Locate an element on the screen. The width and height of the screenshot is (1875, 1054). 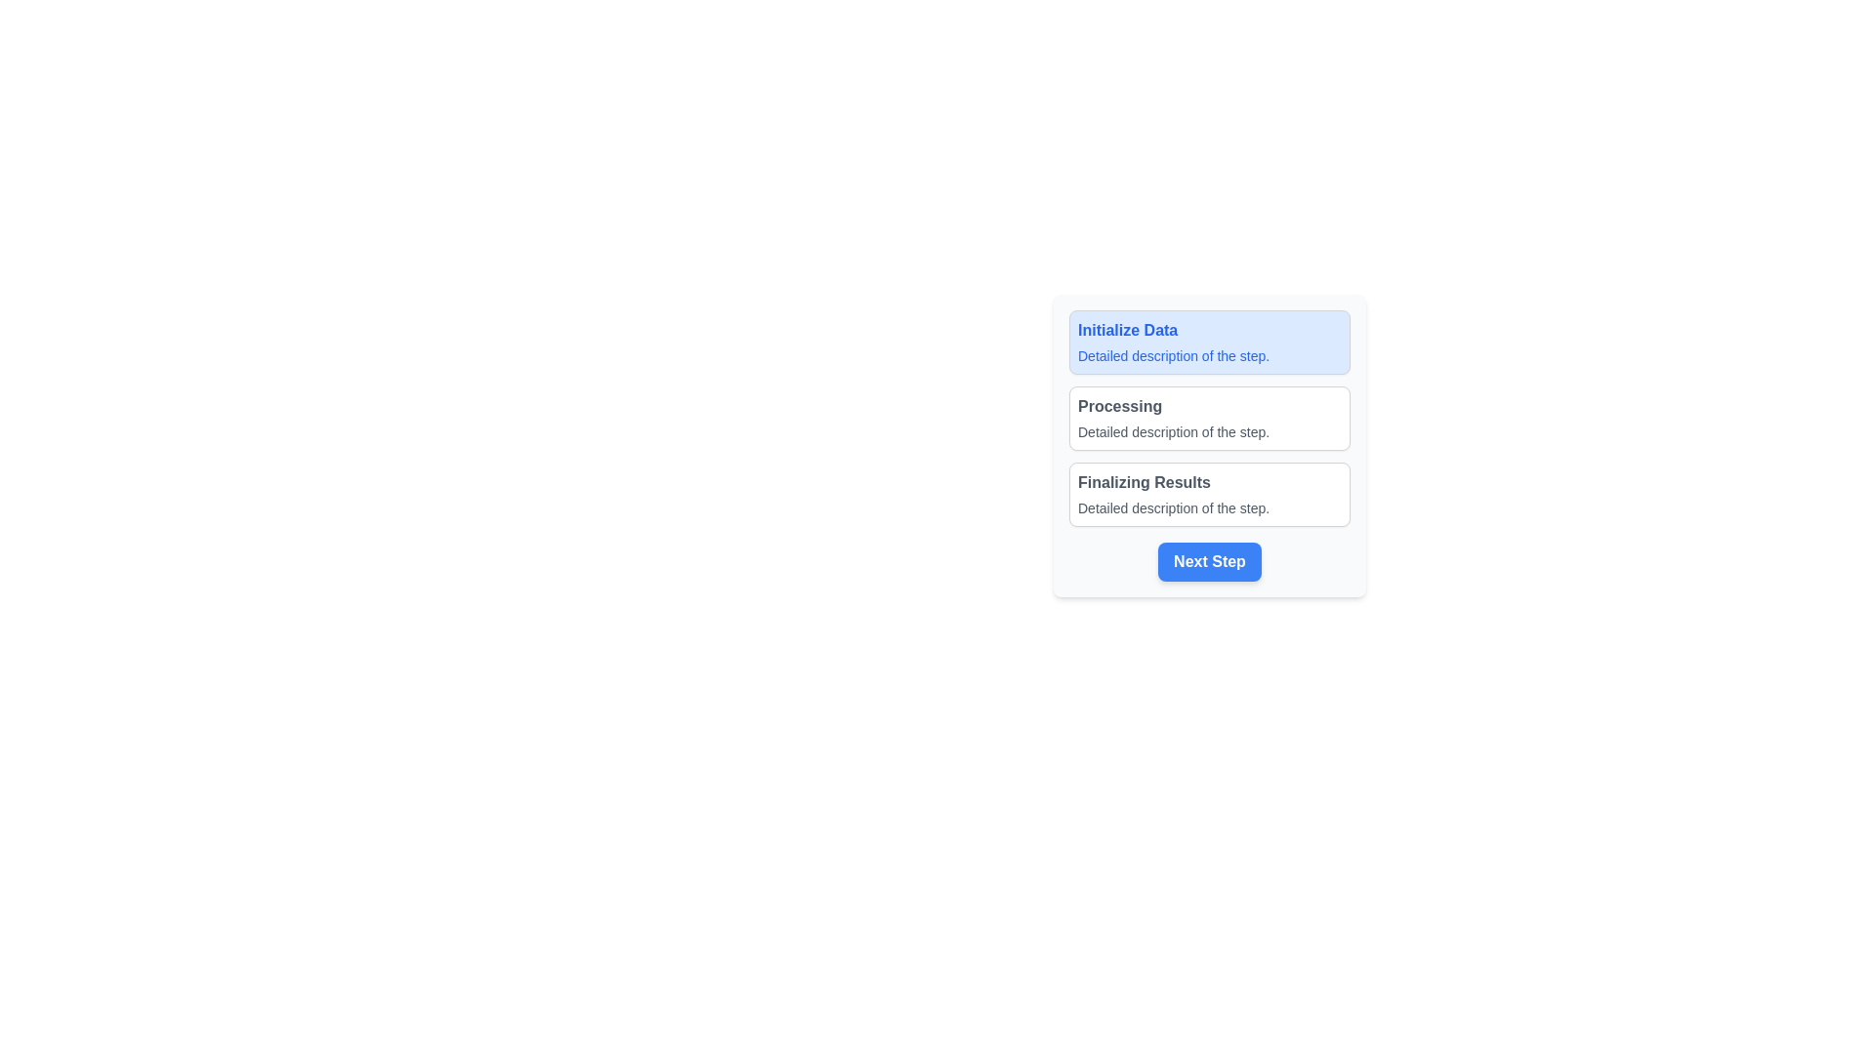
the 'Next Step' button located at the bottom of the step list interface is located at coordinates (1208, 561).